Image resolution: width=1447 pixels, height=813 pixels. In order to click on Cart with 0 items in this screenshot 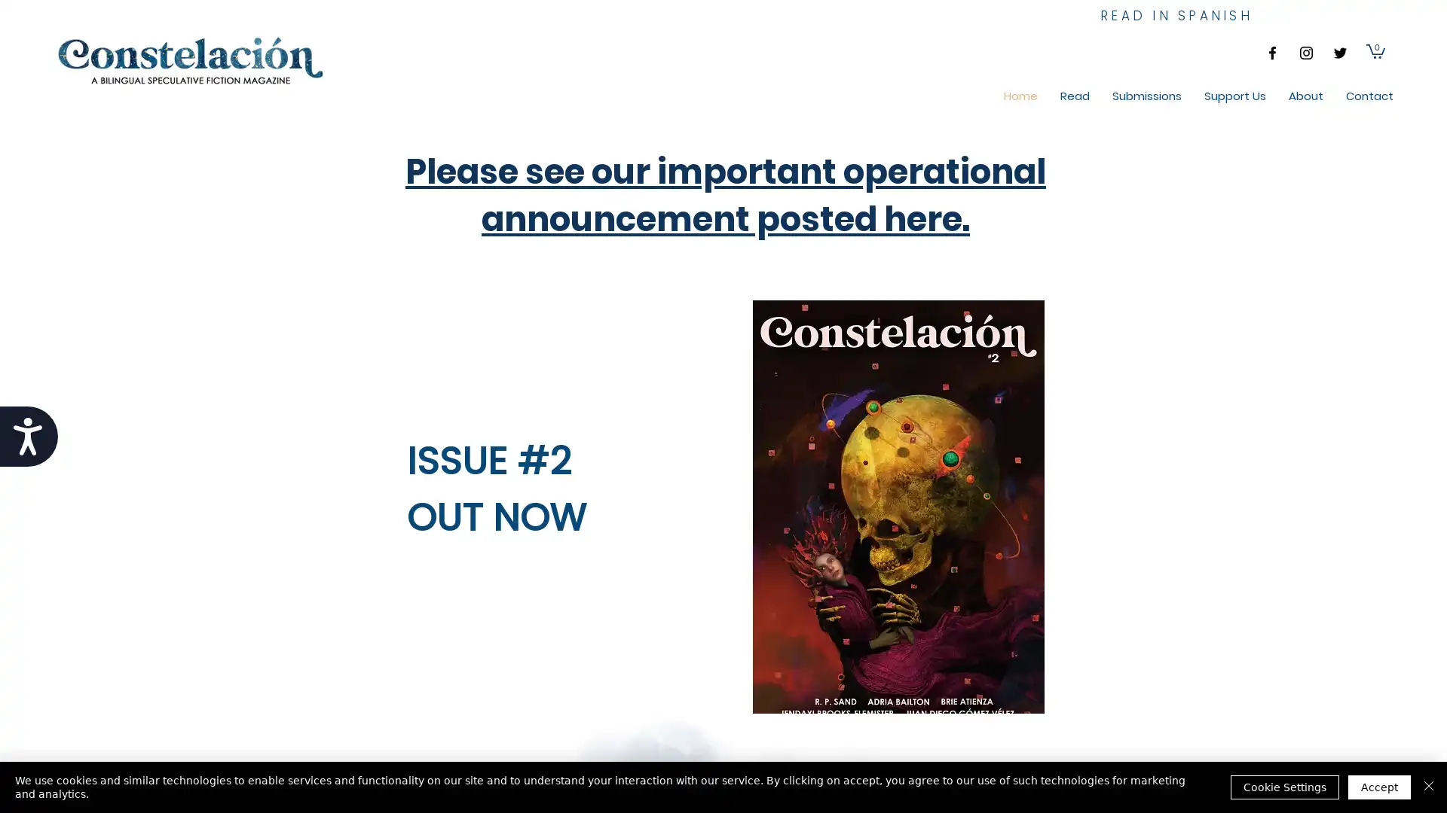, I will do `click(1375, 49)`.